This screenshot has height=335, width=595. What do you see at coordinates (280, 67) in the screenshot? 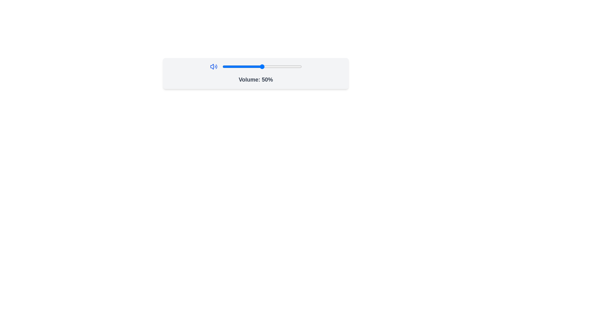
I see `the slider volume` at bounding box center [280, 67].